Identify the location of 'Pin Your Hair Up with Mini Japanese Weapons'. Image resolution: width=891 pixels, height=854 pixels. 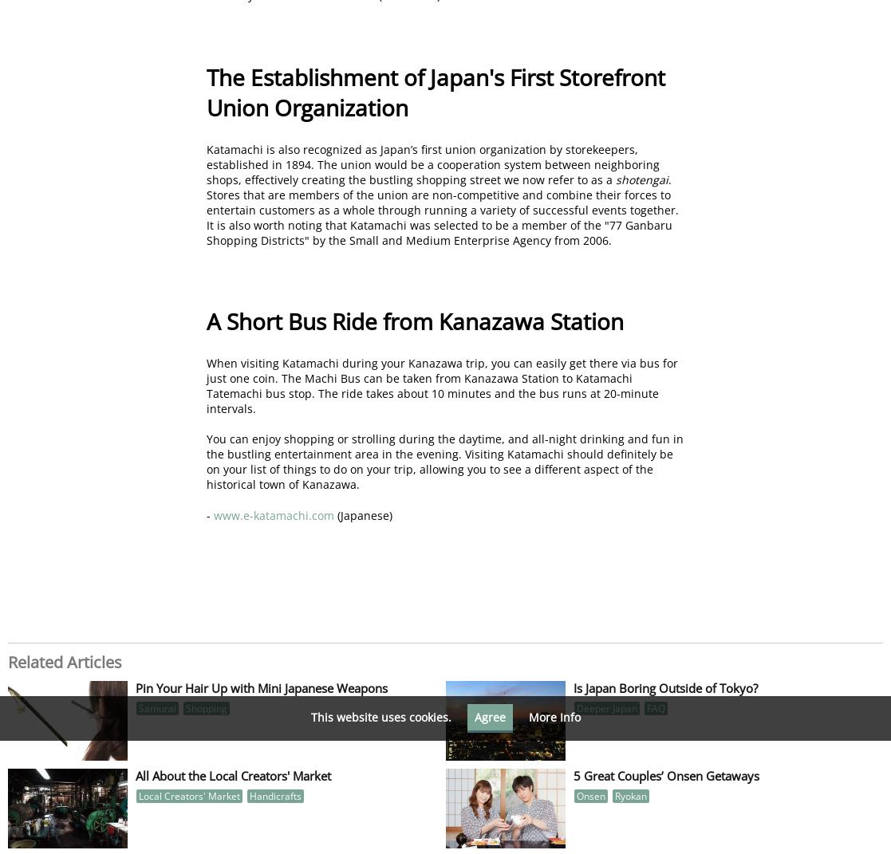
(260, 687).